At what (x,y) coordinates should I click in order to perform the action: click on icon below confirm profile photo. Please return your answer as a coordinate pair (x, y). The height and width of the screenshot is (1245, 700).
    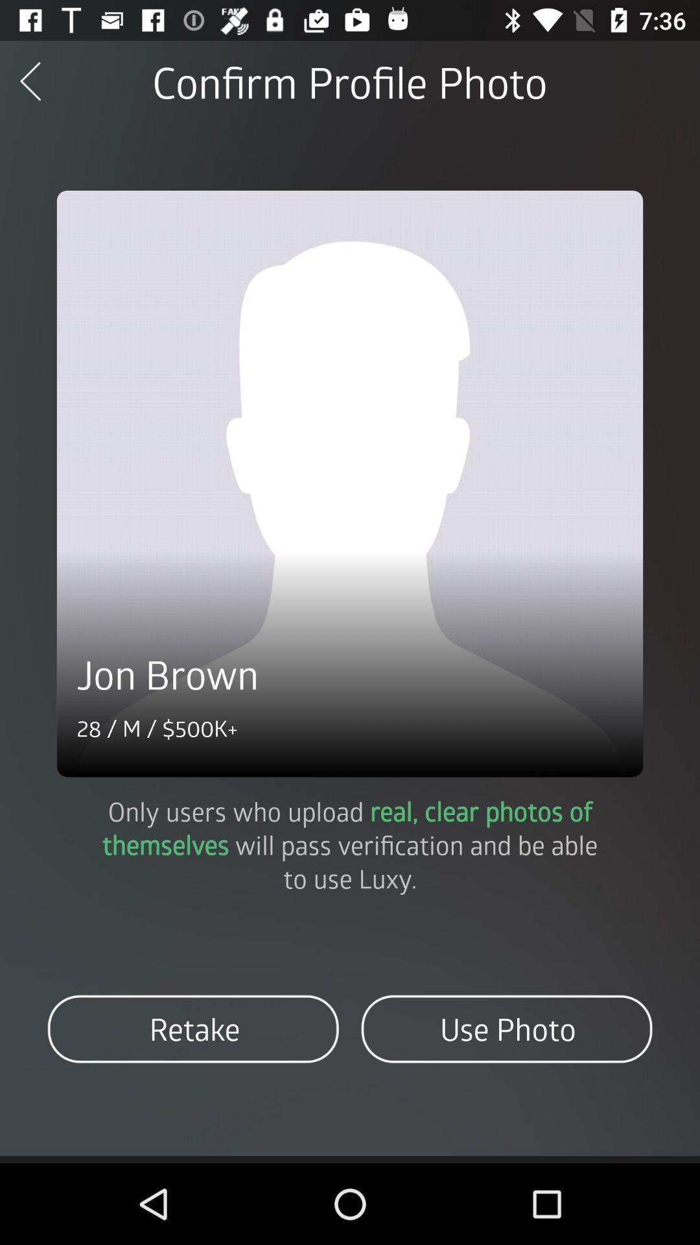
    Looking at the image, I should click on (350, 483).